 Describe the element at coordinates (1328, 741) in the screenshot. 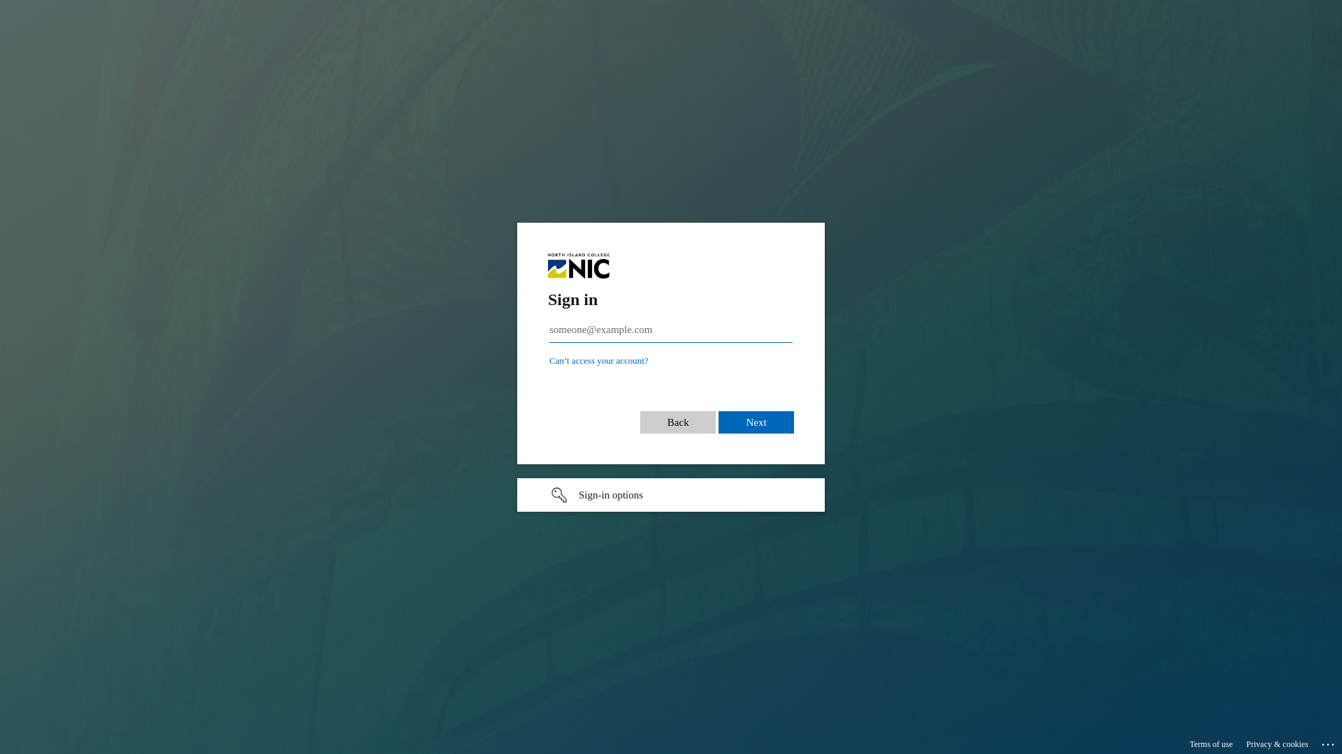

I see `'...'` at that location.